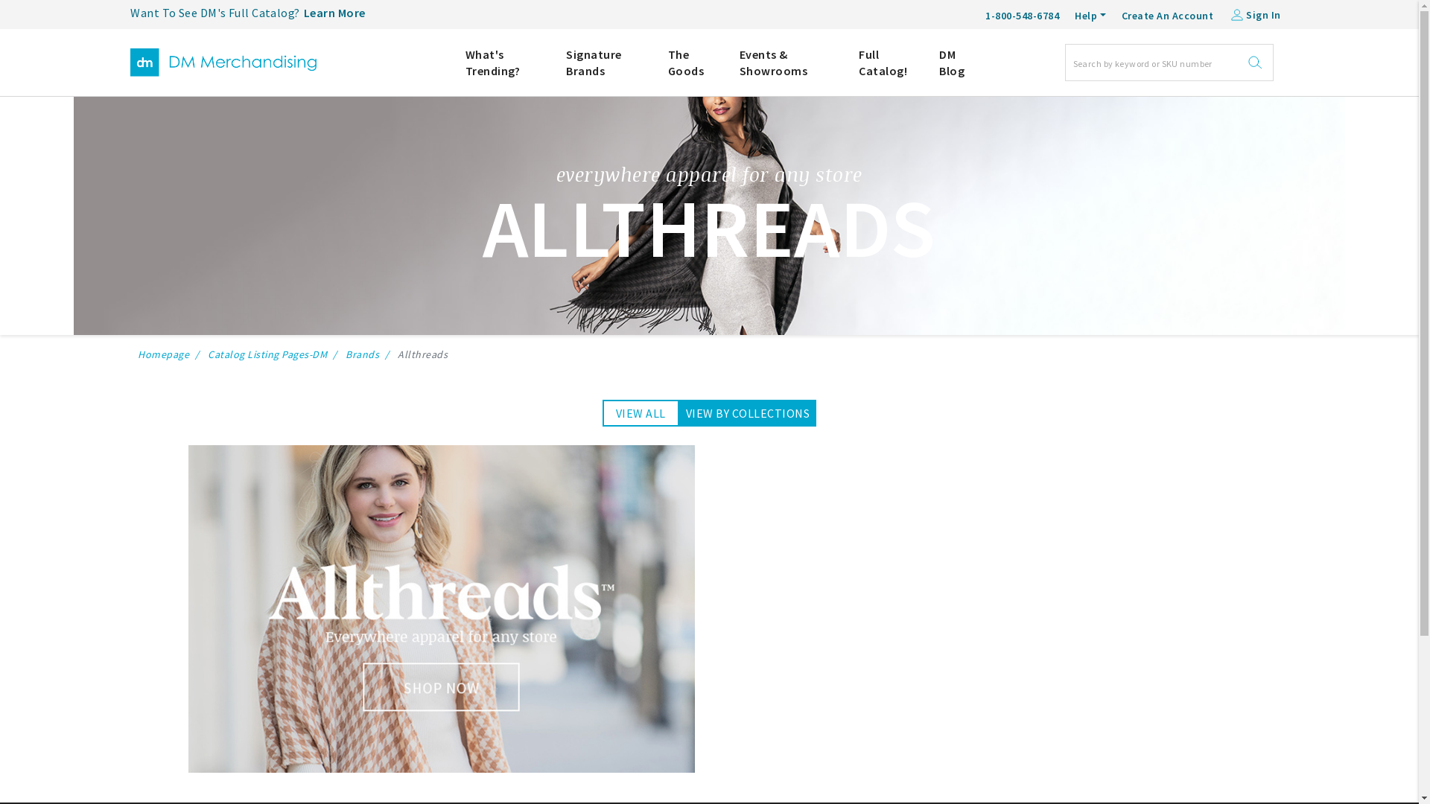  Describe the element at coordinates (605, 62) in the screenshot. I see `'Signature Brands'` at that location.